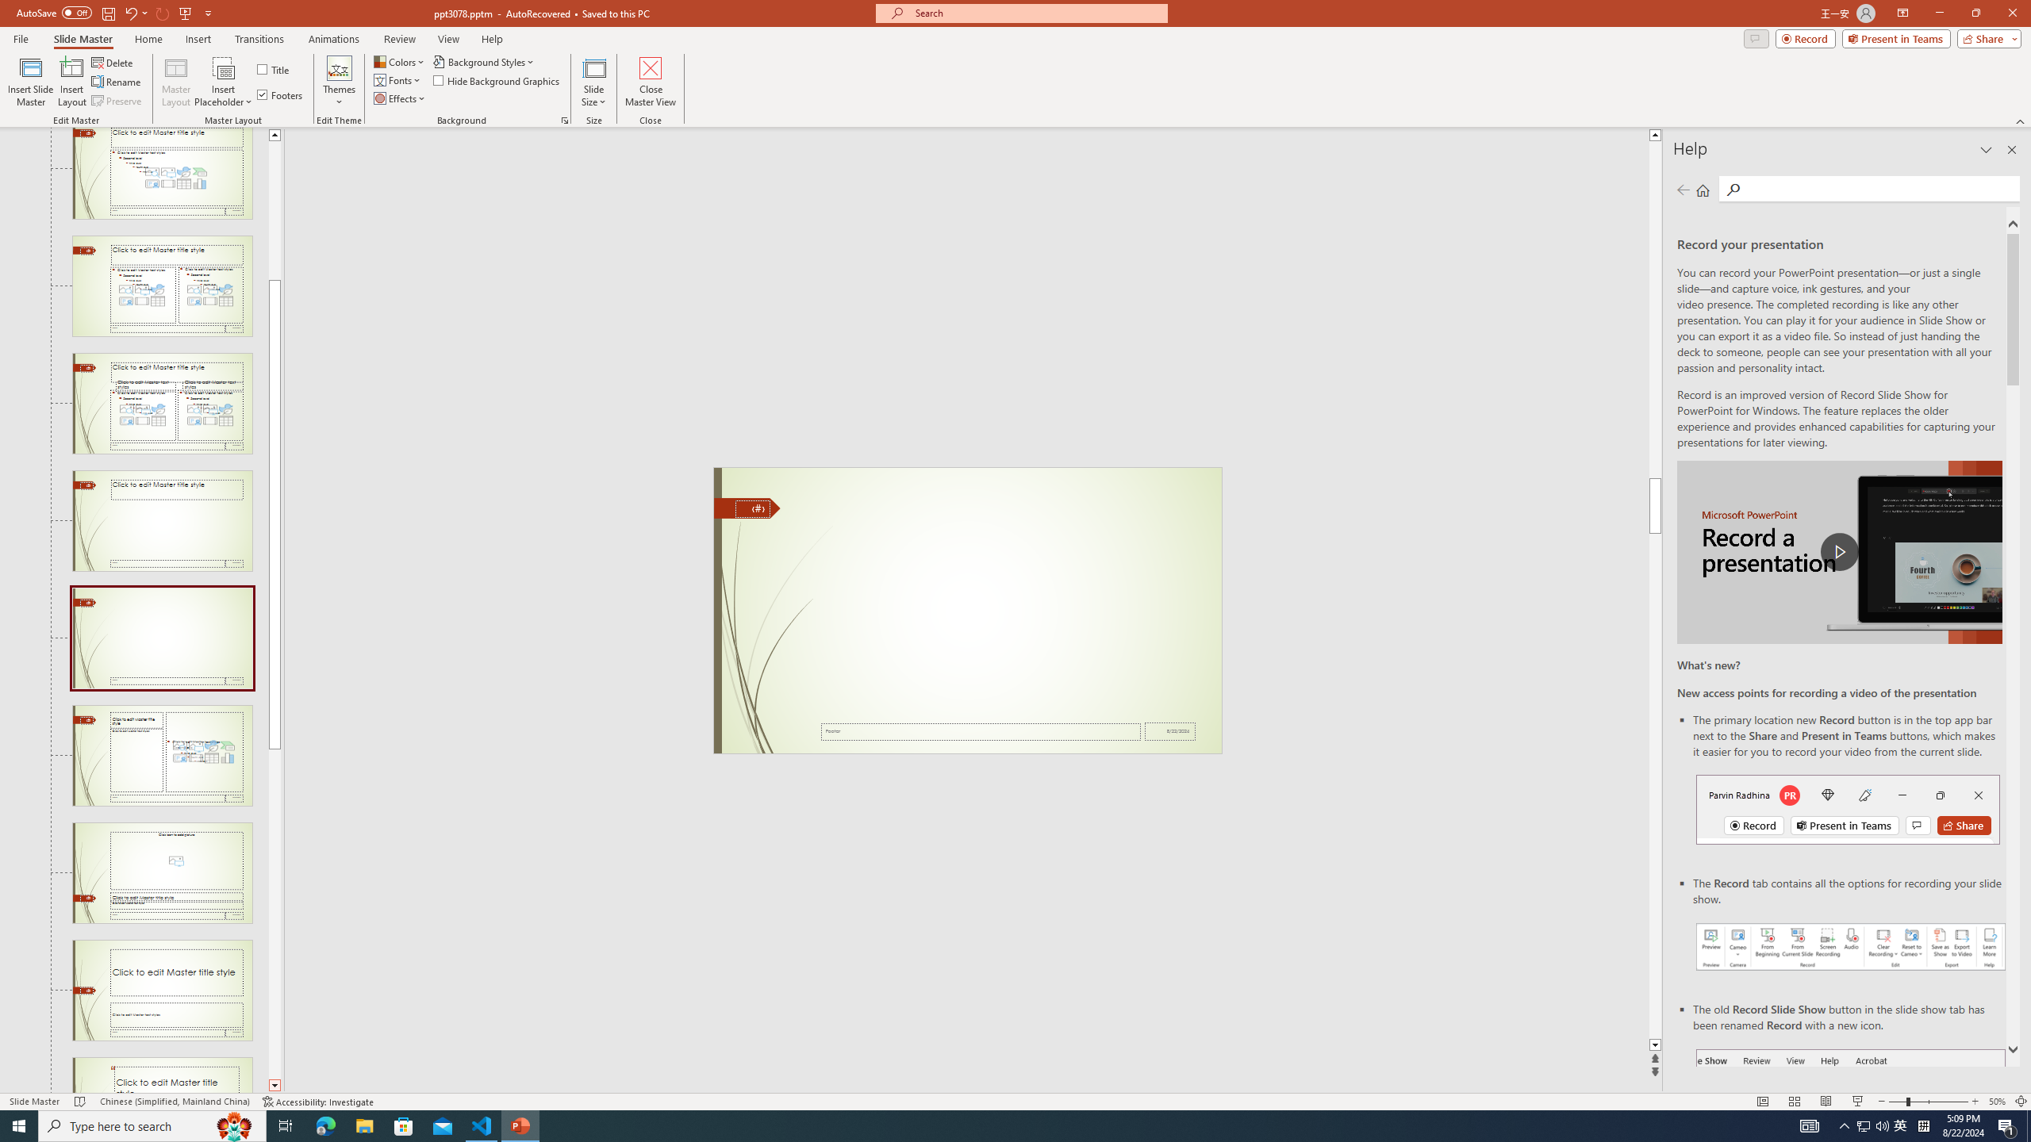  What do you see at coordinates (1762, 1102) in the screenshot?
I see `'Normal'` at bounding box center [1762, 1102].